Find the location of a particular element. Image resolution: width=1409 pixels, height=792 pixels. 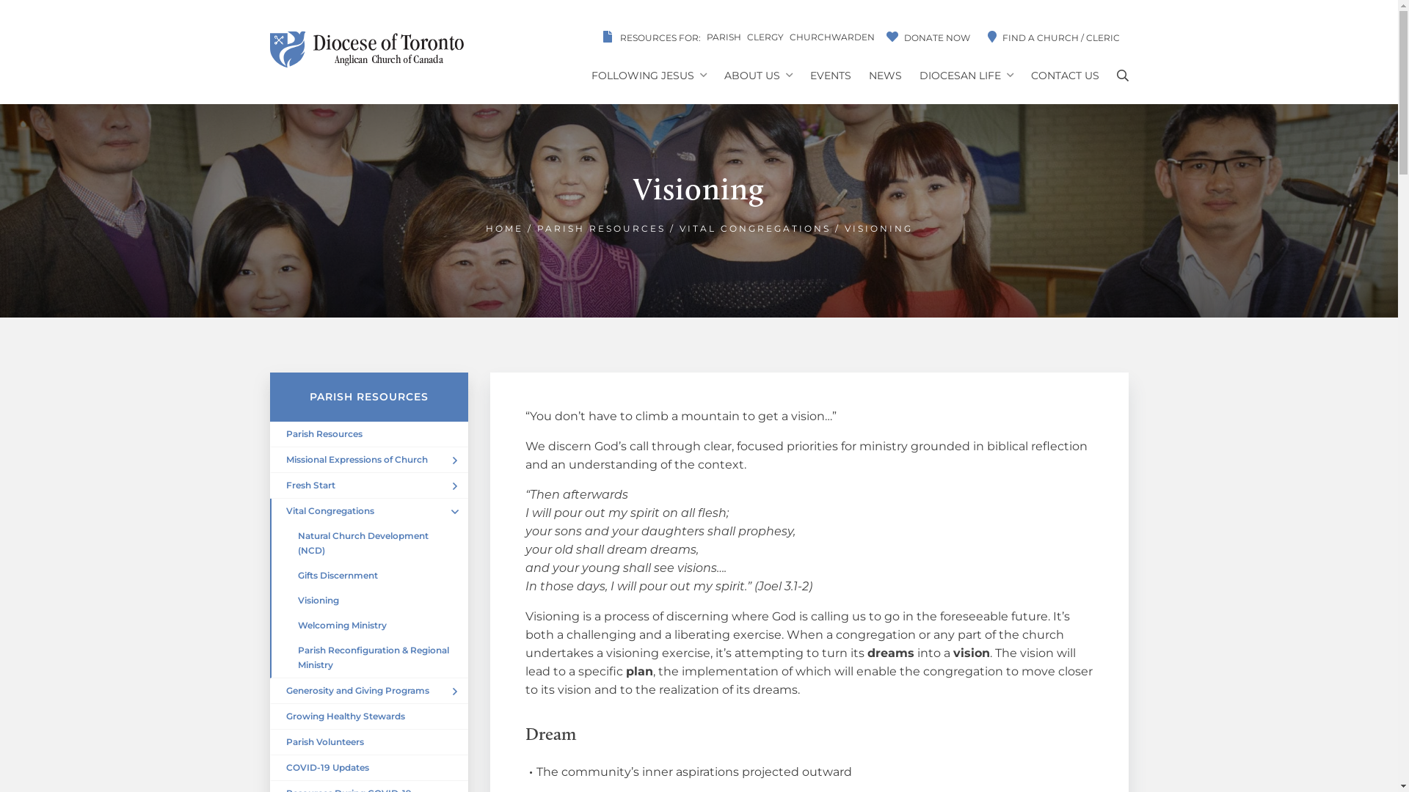

'Visioning' is located at coordinates (369, 600).